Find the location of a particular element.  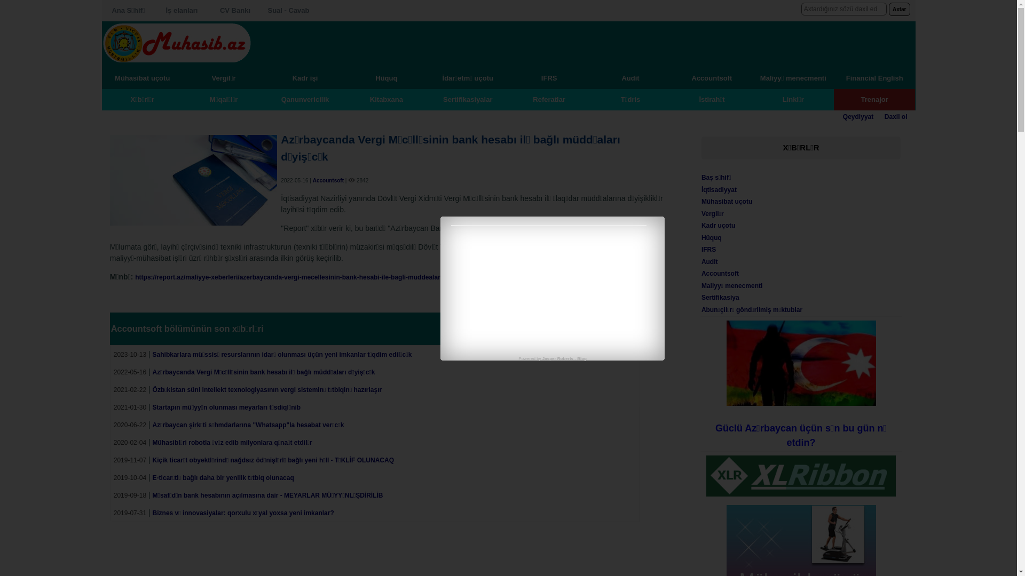

'Blog' is located at coordinates (581, 358).